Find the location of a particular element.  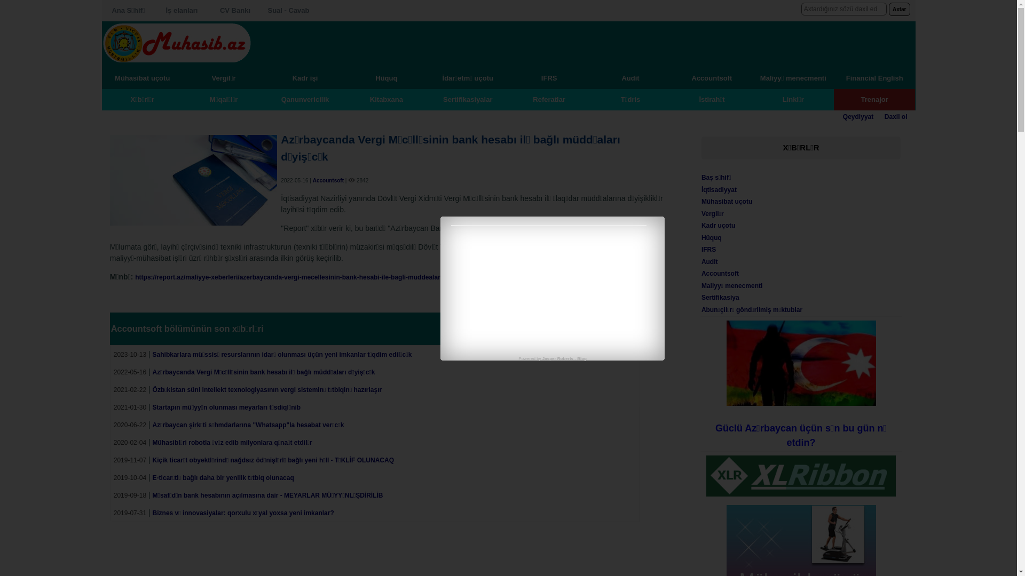

'Blog' is located at coordinates (581, 358).